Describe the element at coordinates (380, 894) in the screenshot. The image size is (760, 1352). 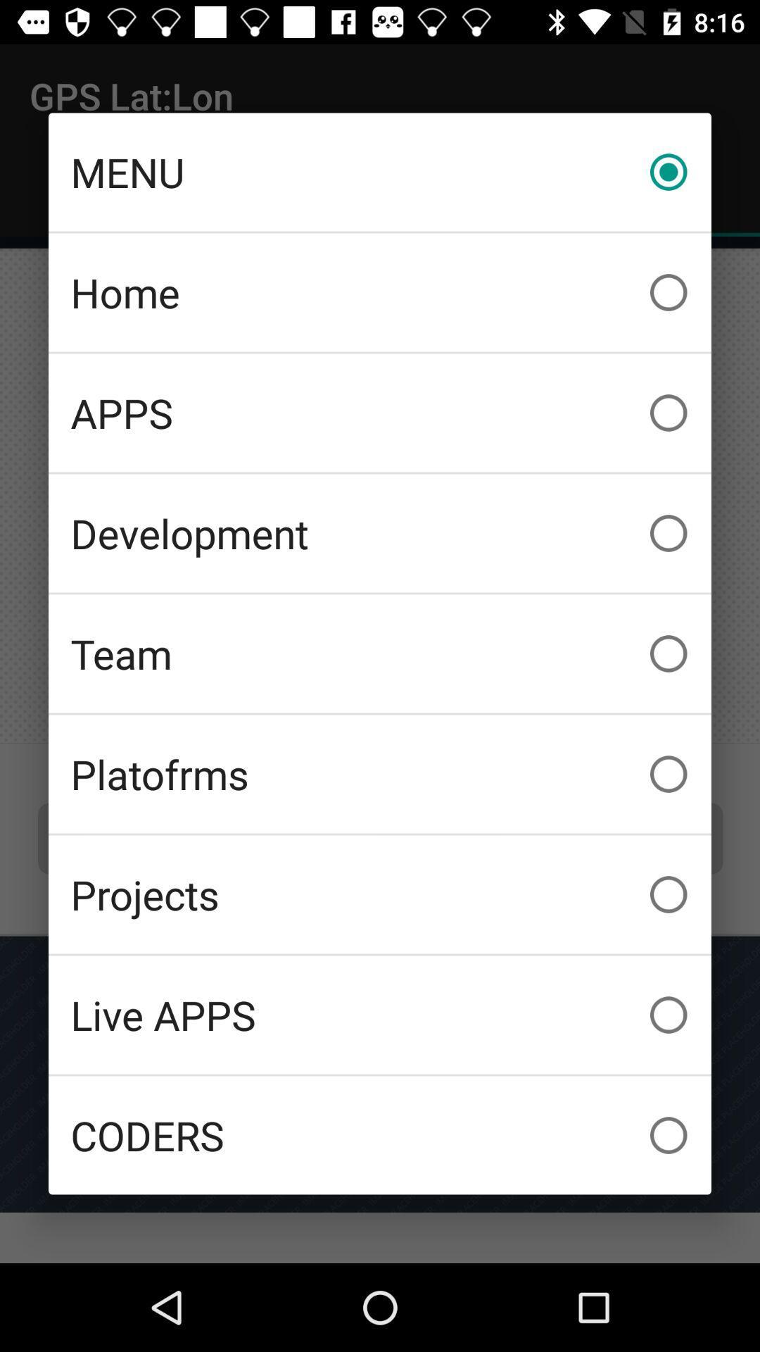
I see `the icon above live apps item` at that location.